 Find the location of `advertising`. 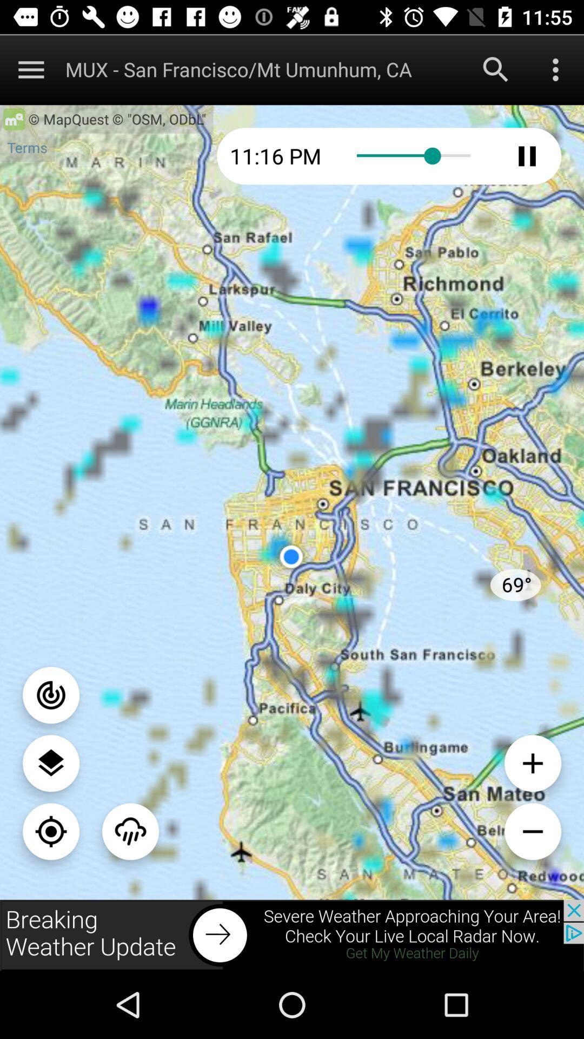

advertising is located at coordinates (292, 935).